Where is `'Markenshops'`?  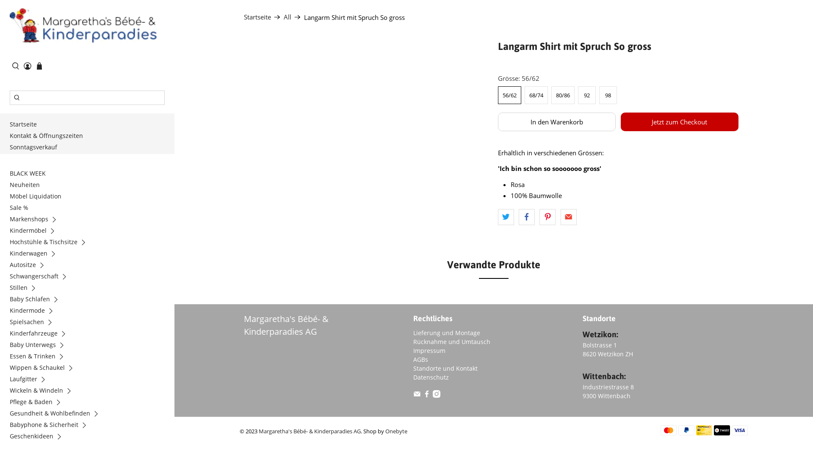
'Markenshops' is located at coordinates (36, 220).